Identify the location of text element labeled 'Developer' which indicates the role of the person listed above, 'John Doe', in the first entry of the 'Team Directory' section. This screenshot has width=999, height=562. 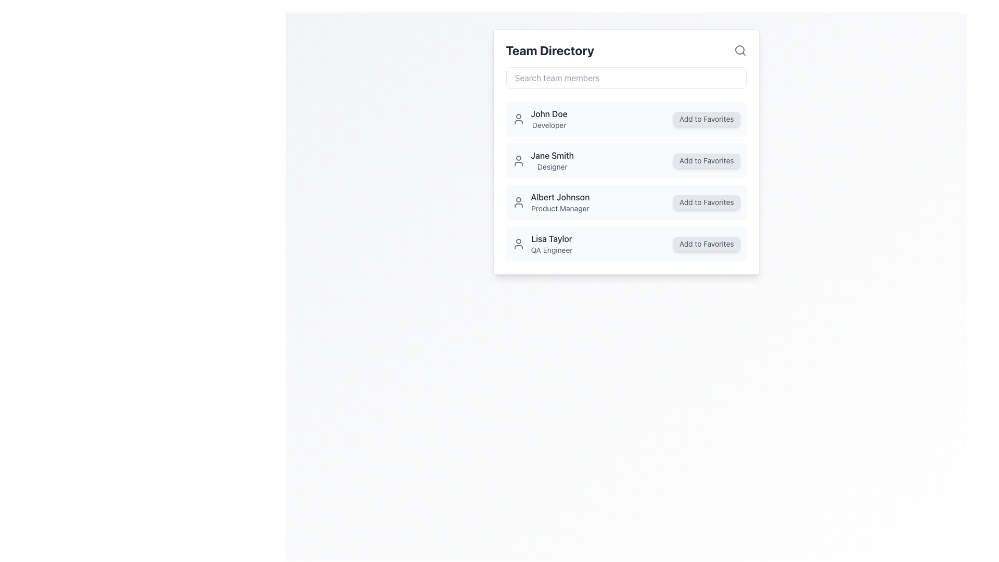
(548, 124).